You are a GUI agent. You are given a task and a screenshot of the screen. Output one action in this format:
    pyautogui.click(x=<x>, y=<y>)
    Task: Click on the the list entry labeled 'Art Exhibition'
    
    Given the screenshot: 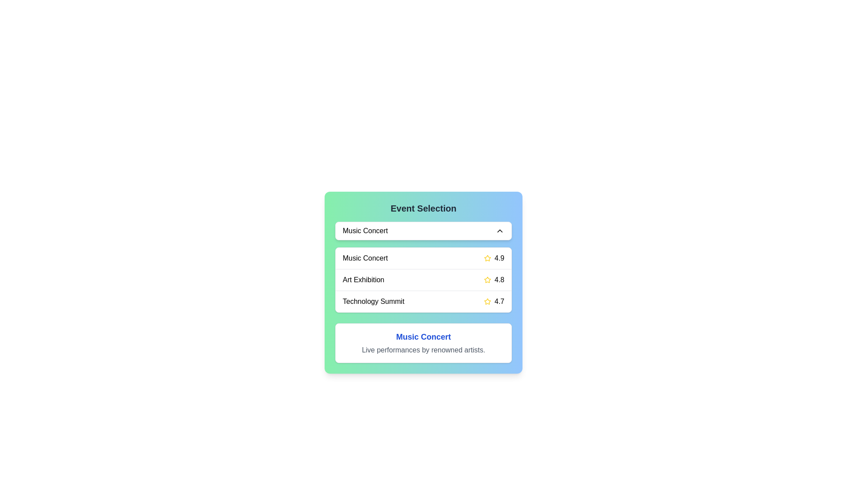 What is the action you would take?
    pyautogui.click(x=423, y=280)
    